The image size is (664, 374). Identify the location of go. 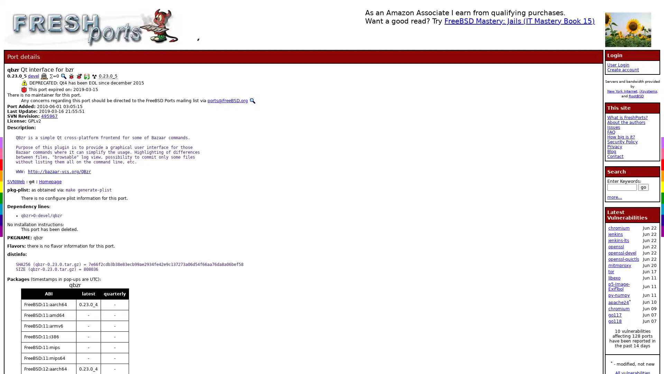
(643, 187).